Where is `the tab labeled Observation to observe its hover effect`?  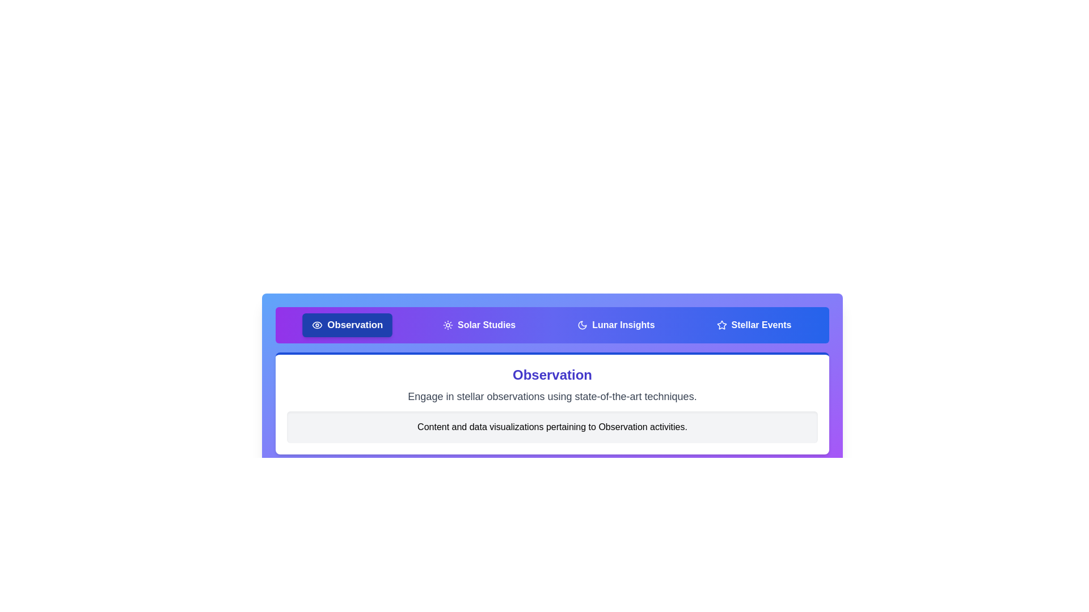 the tab labeled Observation to observe its hover effect is located at coordinates (347, 325).